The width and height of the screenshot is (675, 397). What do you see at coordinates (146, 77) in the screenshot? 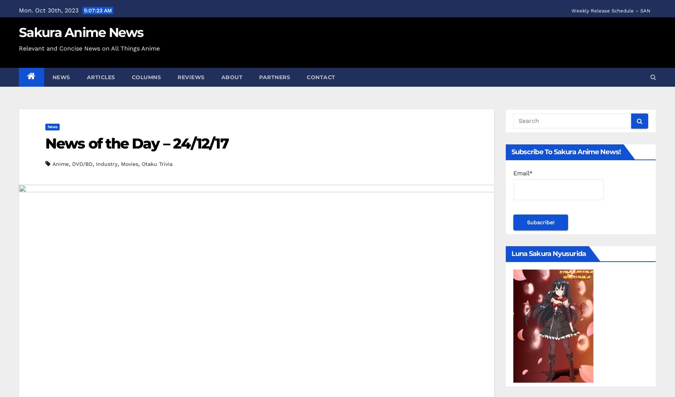
I see `'Columns'` at bounding box center [146, 77].